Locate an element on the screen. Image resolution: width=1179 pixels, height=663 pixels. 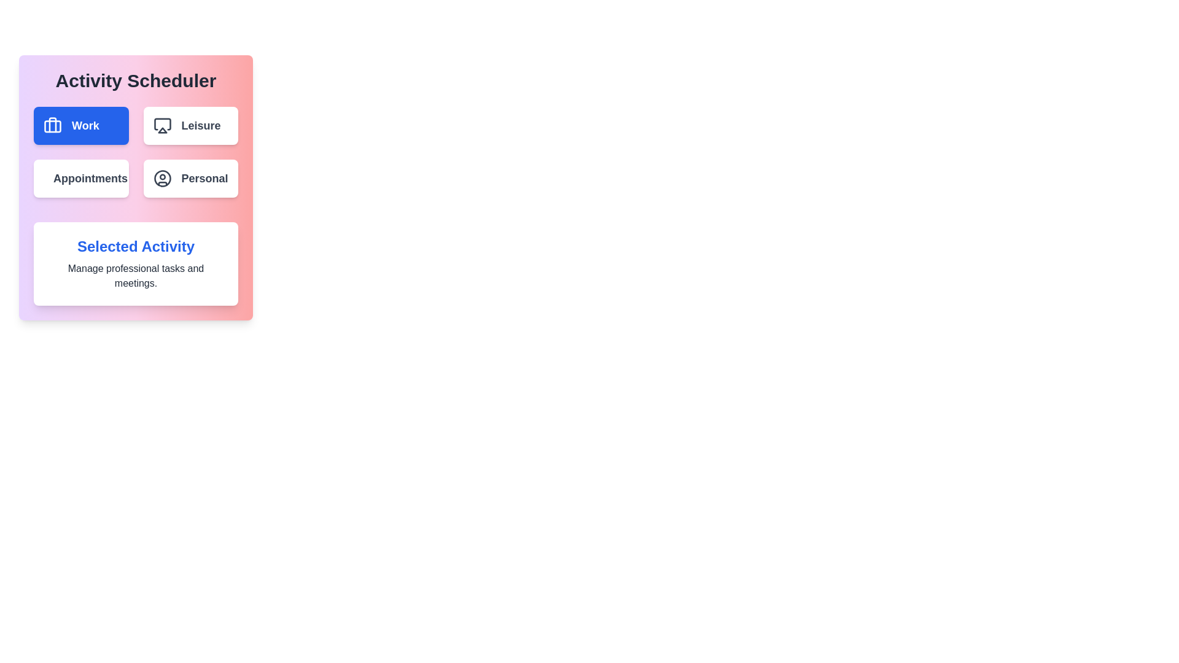
the vertical line on the left side of the briefcase icon, which symbolizes 'Work' in the user interface of the 'Activity Scheduler' card is located at coordinates (52, 125).